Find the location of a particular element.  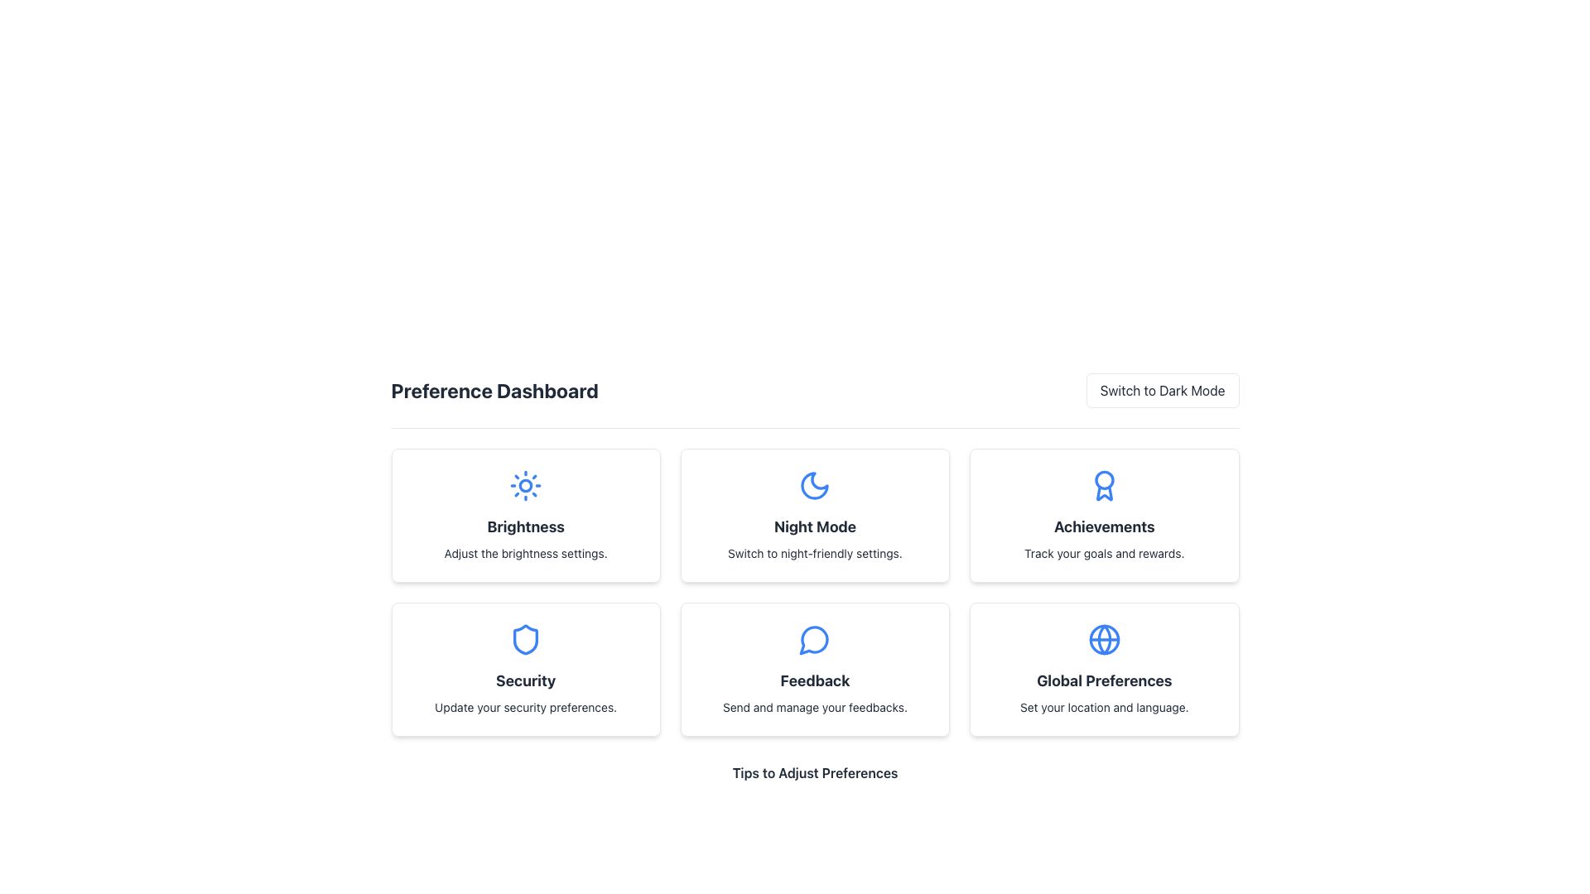

the descriptive subtitle text located at the bottom of the 'Achievements' card in the preference dashboard interface is located at coordinates (1104, 553).